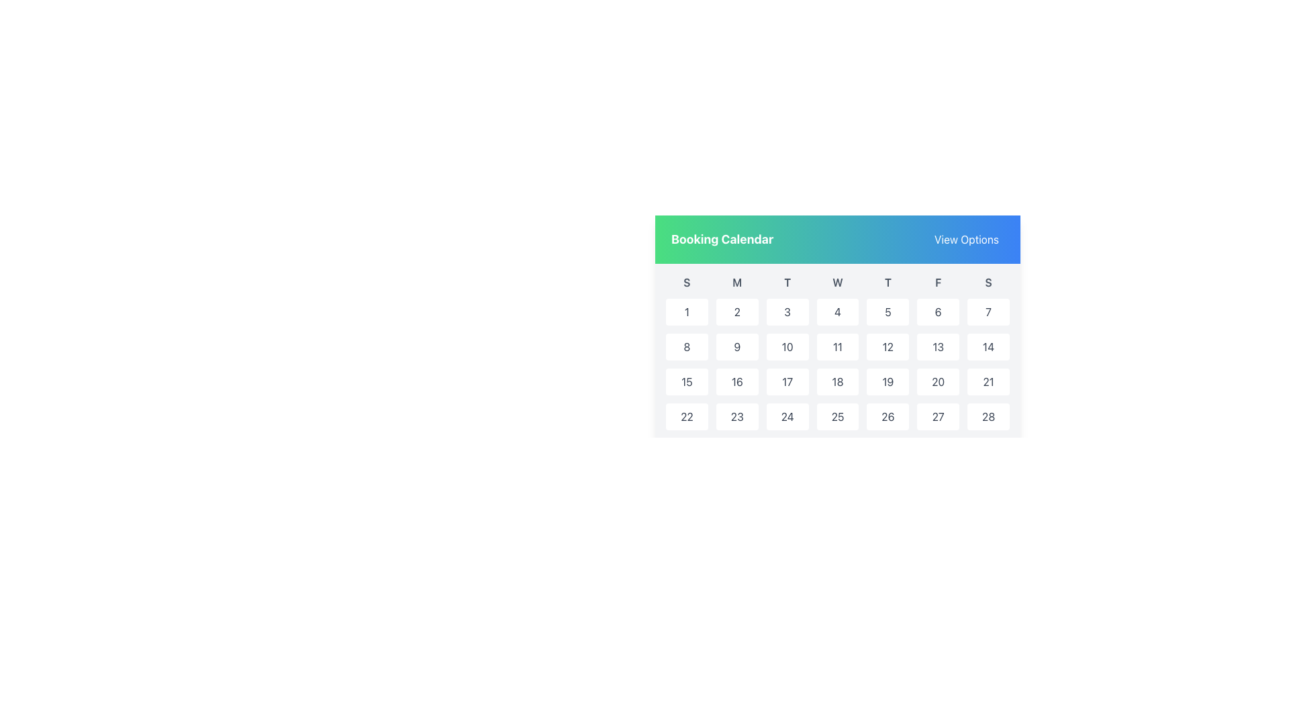 This screenshot has height=725, width=1289. Describe the element at coordinates (736, 281) in the screenshot. I see `the static text label displaying the capital letter 'M' in the weekly calendar header` at that location.